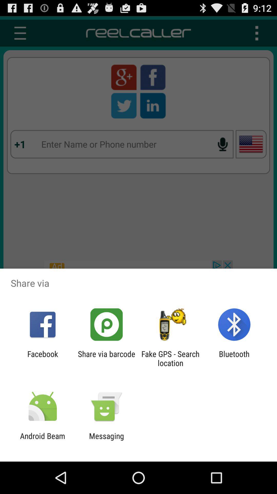  Describe the element at coordinates (234, 358) in the screenshot. I see `bluetooth at the bottom right corner` at that location.